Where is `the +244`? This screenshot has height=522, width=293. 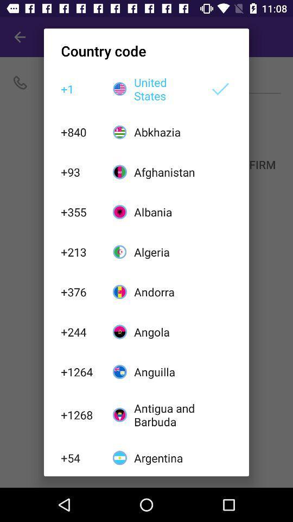
the +244 is located at coordinates (80, 331).